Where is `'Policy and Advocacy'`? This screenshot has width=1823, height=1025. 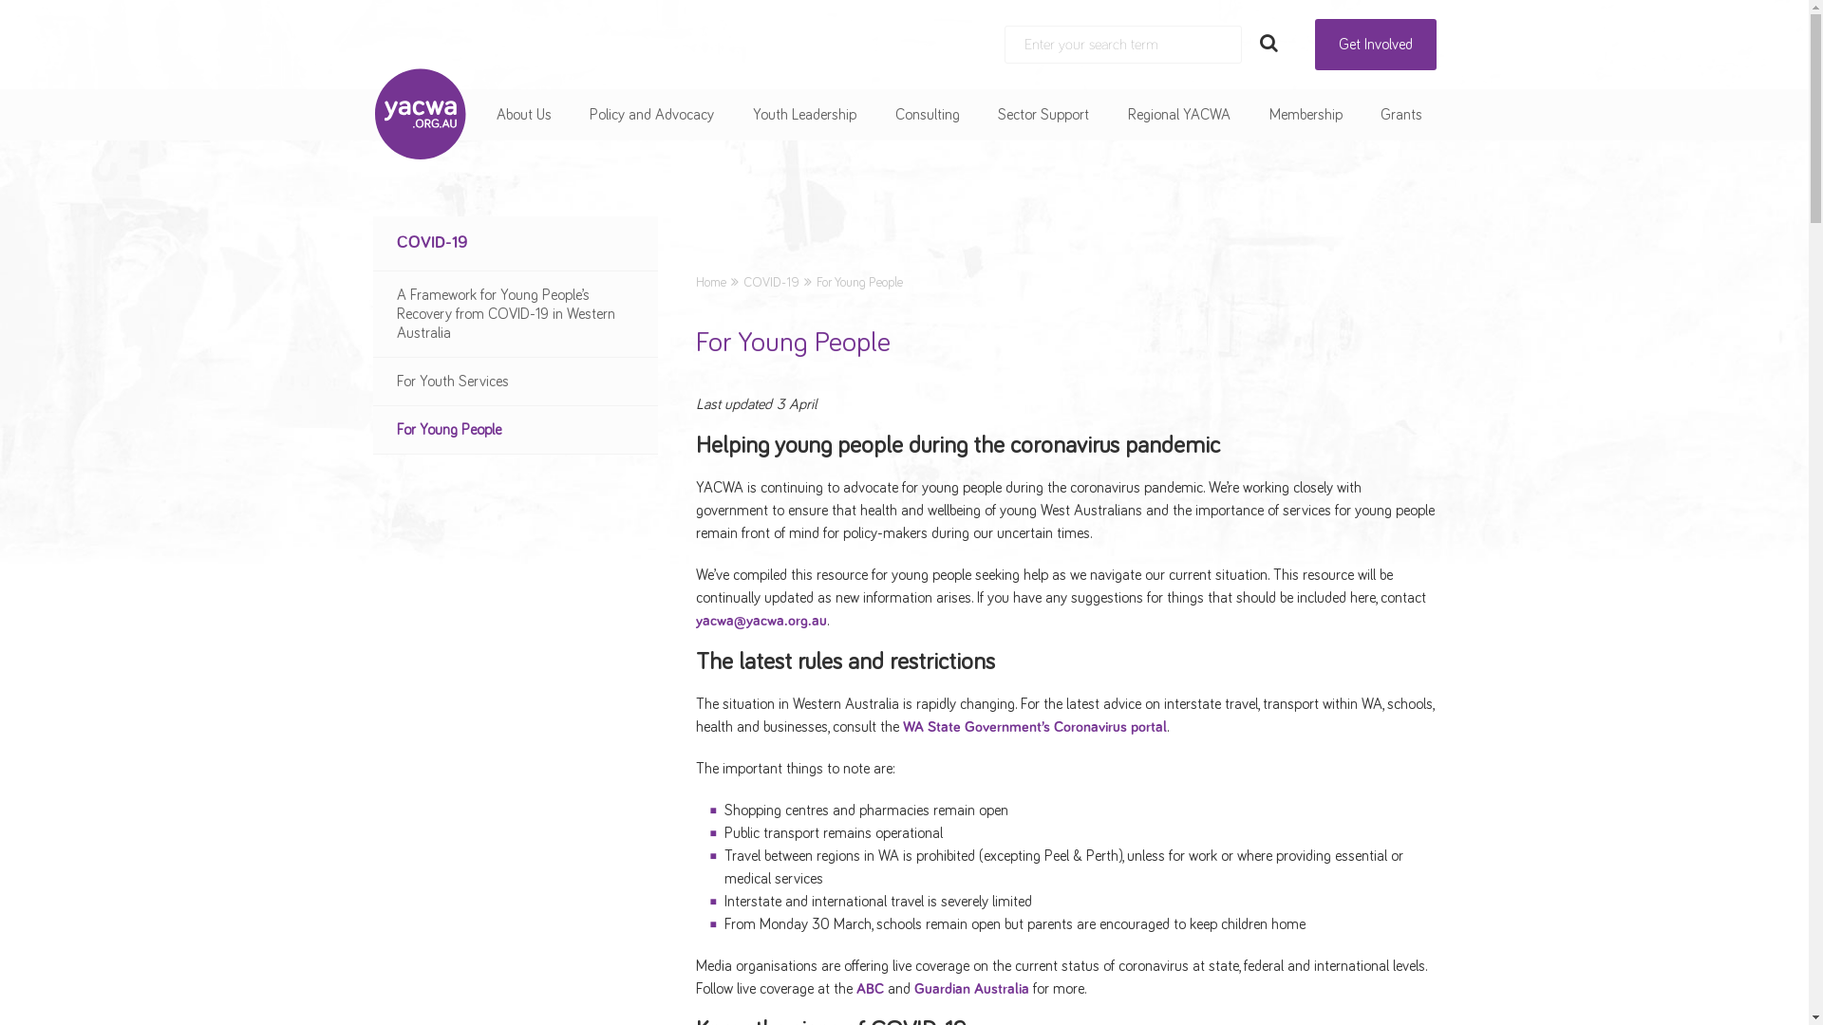 'Policy and Advocacy' is located at coordinates (651, 114).